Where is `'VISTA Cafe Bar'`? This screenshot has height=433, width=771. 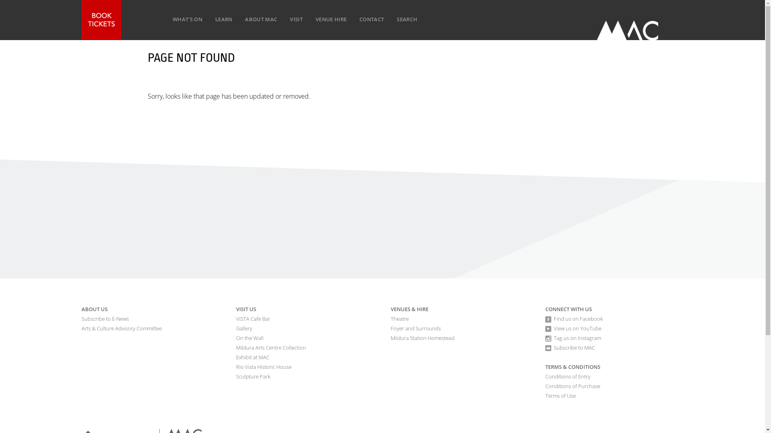 'VISTA Cafe Bar' is located at coordinates (253, 318).